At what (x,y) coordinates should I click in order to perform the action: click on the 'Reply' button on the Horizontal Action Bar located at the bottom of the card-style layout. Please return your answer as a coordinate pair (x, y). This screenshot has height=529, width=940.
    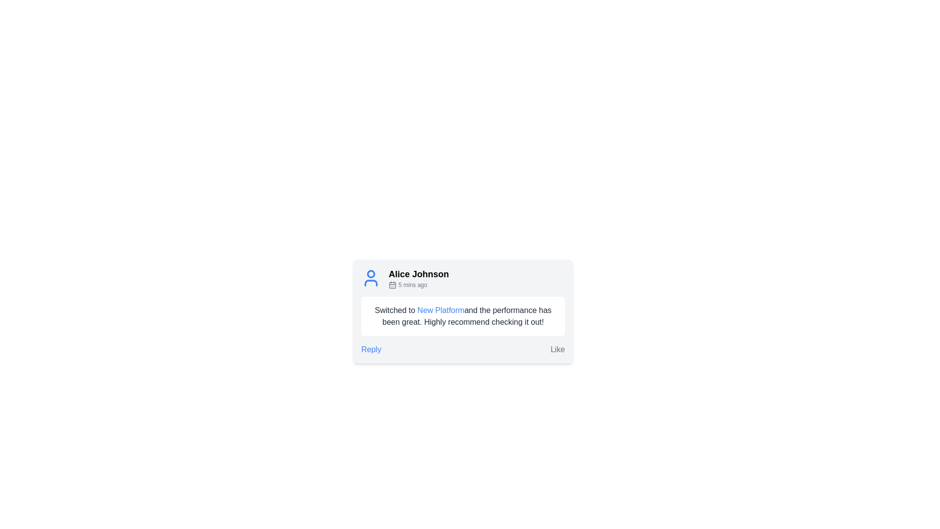
    Looking at the image, I should click on (462, 349).